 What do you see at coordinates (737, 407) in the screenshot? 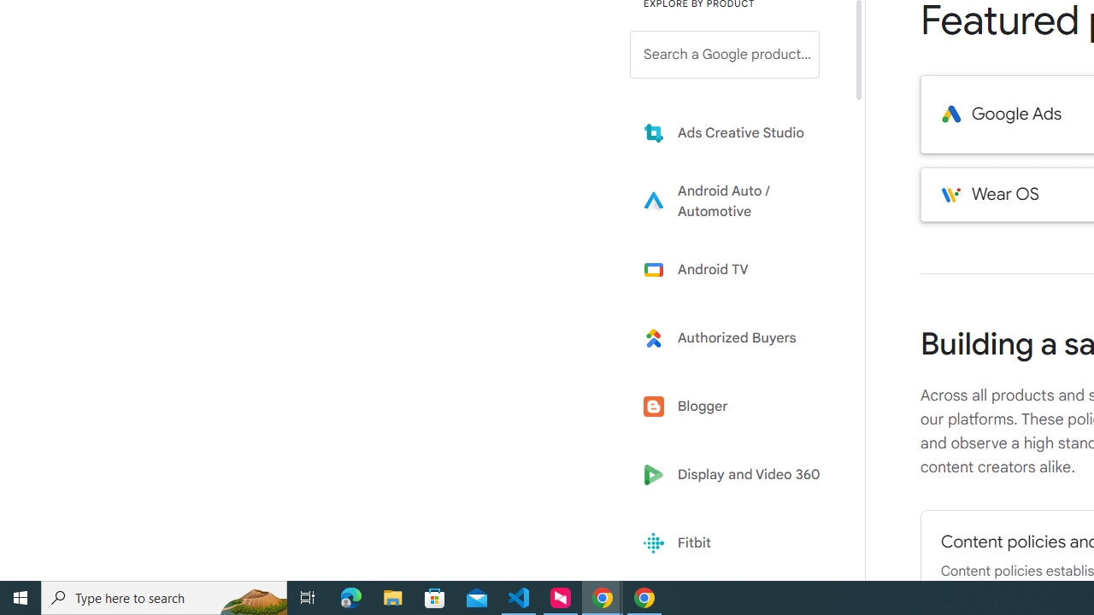
I see `'Blogger'` at bounding box center [737, 407].